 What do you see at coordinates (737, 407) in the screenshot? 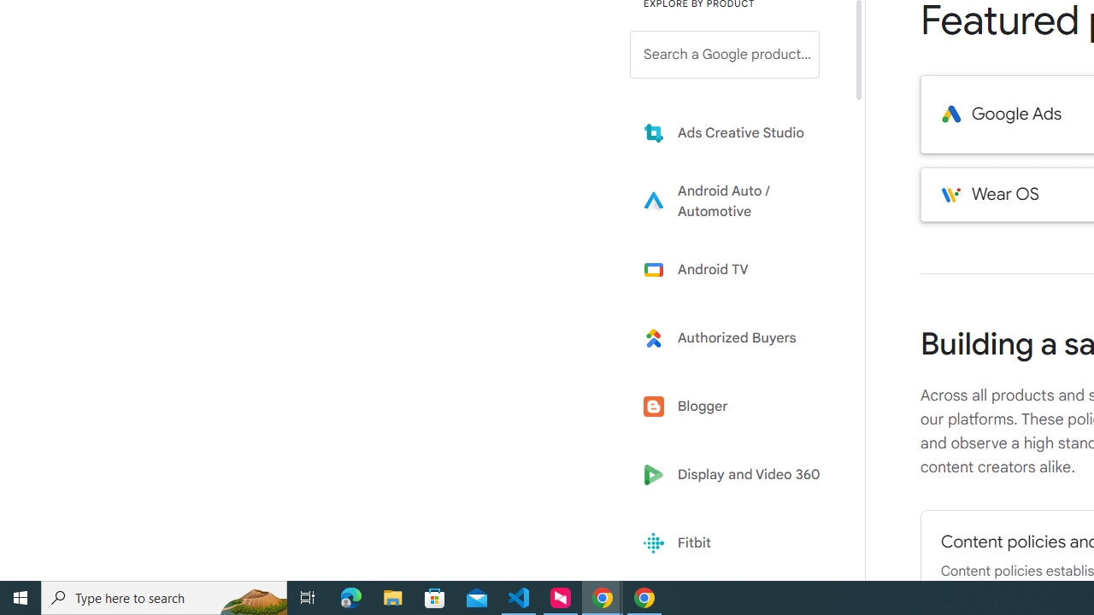
I see `'Blogger'` at bounding box center [737, 407].